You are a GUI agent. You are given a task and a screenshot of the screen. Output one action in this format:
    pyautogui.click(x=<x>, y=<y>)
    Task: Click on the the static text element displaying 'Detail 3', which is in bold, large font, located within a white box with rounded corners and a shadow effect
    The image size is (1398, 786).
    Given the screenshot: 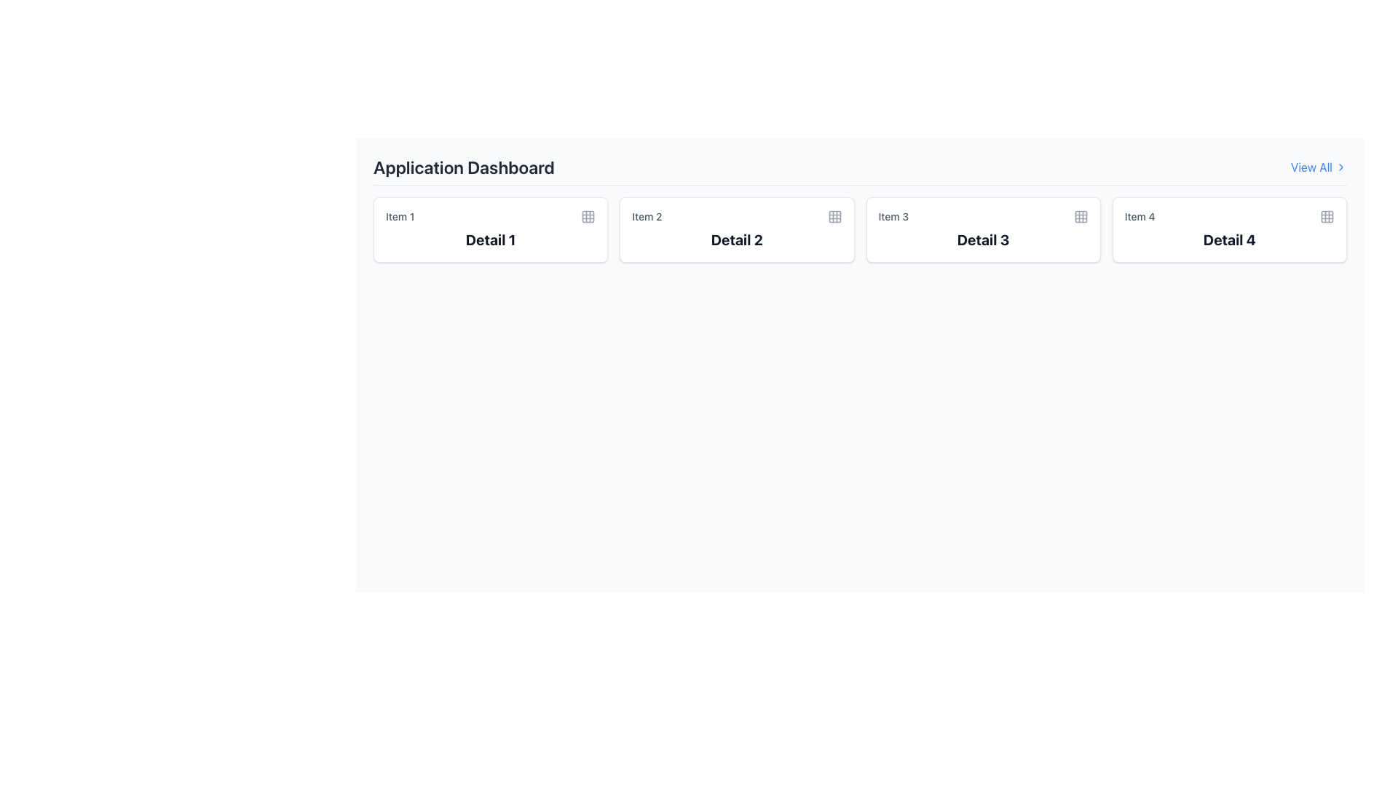 What is the action you would take?
    pyautogui.click(x=983, y=239)
    